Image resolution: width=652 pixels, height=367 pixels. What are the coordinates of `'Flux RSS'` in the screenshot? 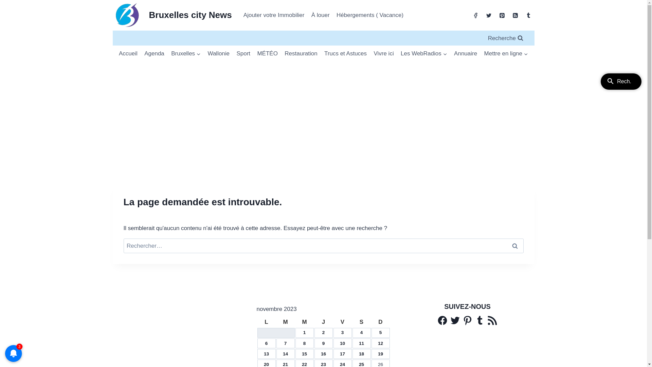 It's located at (492, 320).